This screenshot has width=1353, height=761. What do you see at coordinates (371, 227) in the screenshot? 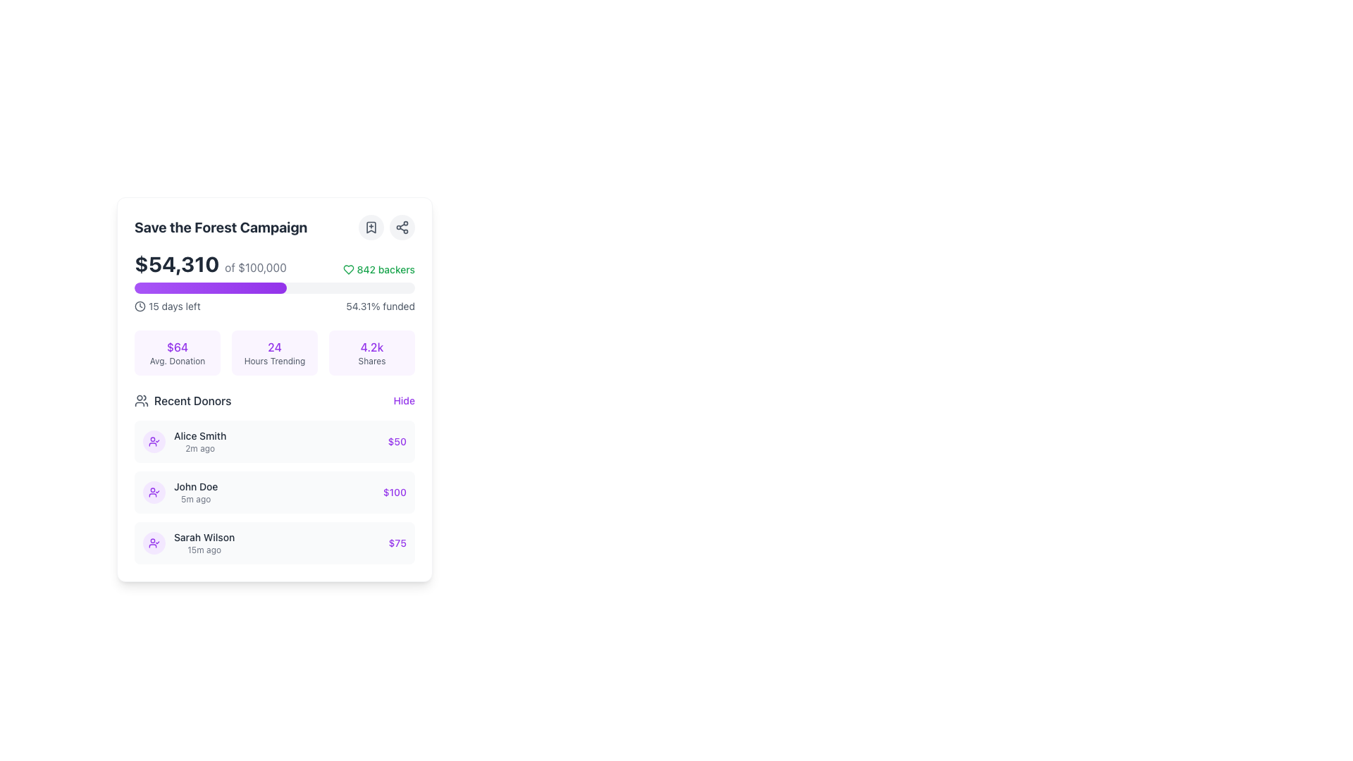
I see `the bookmark-plus icon within the circular button located to the right of the 'Save the Forest Campaign' header` at bounding box center [371, 227].